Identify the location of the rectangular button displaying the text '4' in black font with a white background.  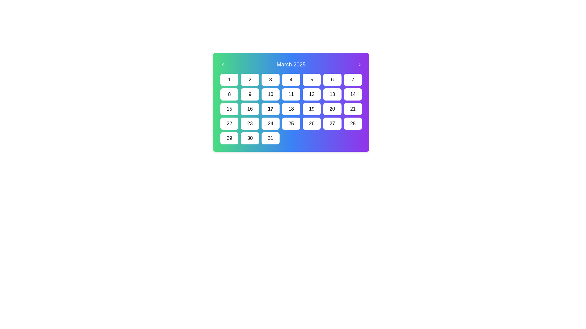
(291, 80).